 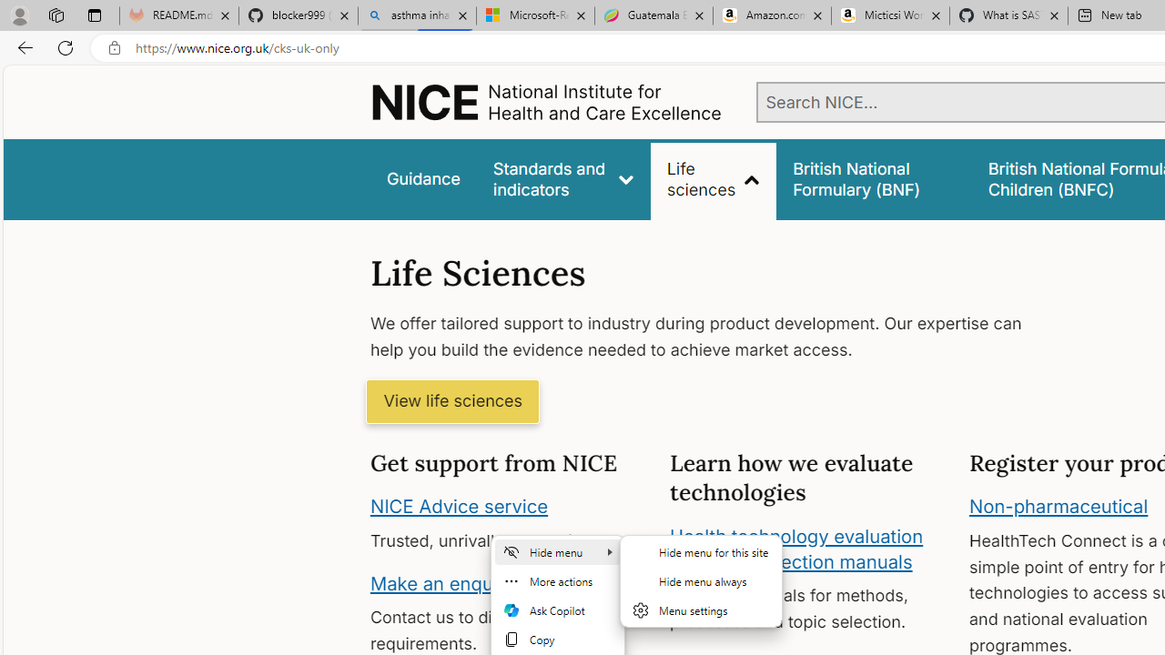 What do you see at coordinates (700, 550) in the screenshot?
I see `'Hide menu for this site'` at bounding box center [700, 550].